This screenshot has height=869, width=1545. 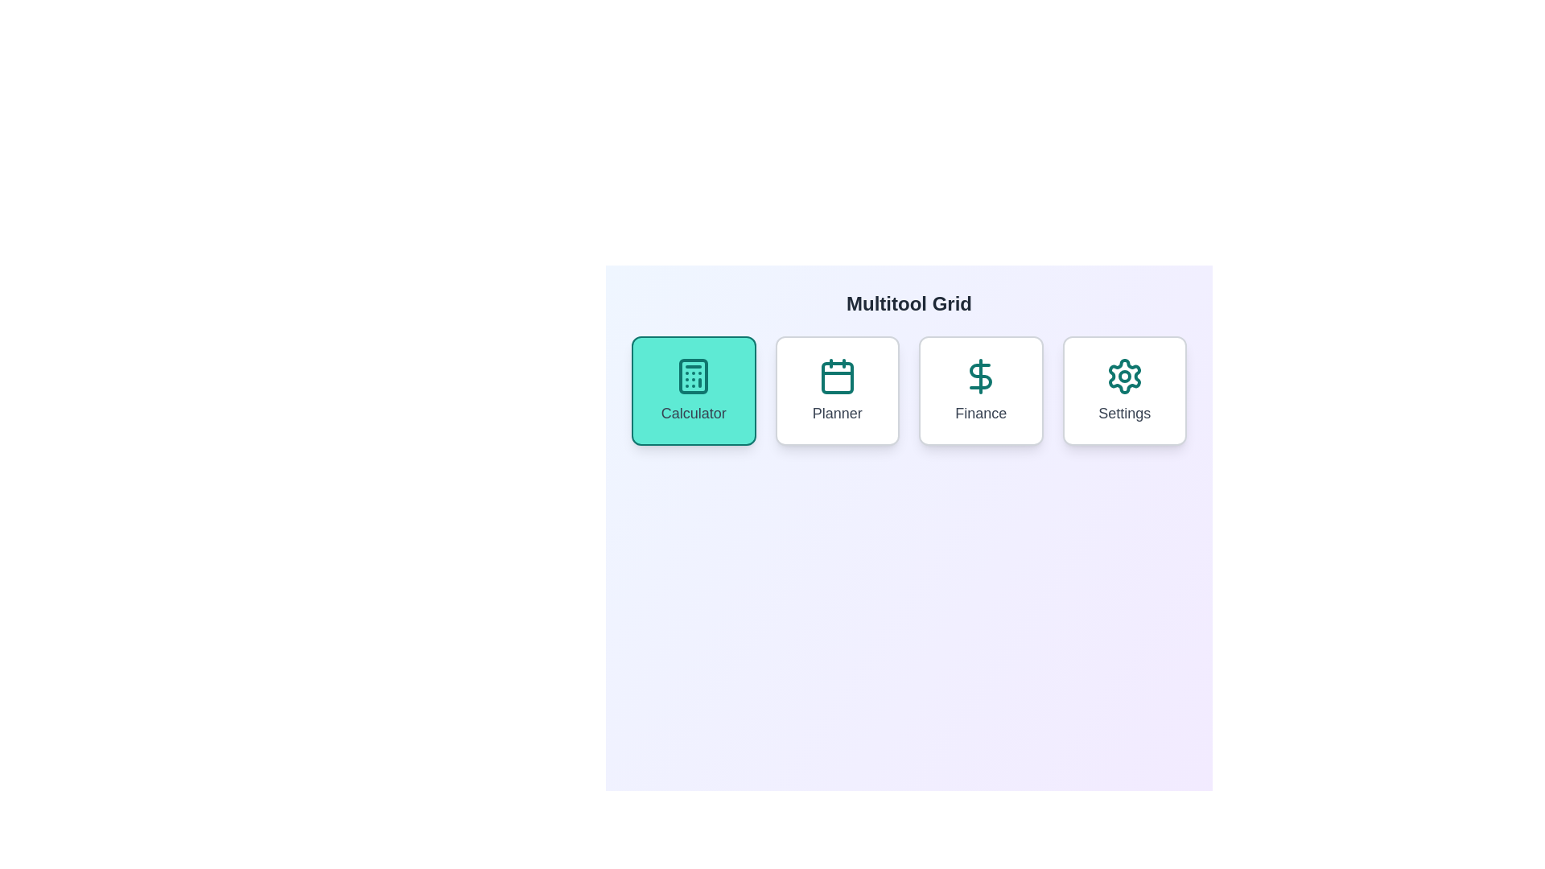 I want to click on the green dollar sign icon located in the third cell of the grid, positioned above the 'Finance' label, so click(x=980, y=376).